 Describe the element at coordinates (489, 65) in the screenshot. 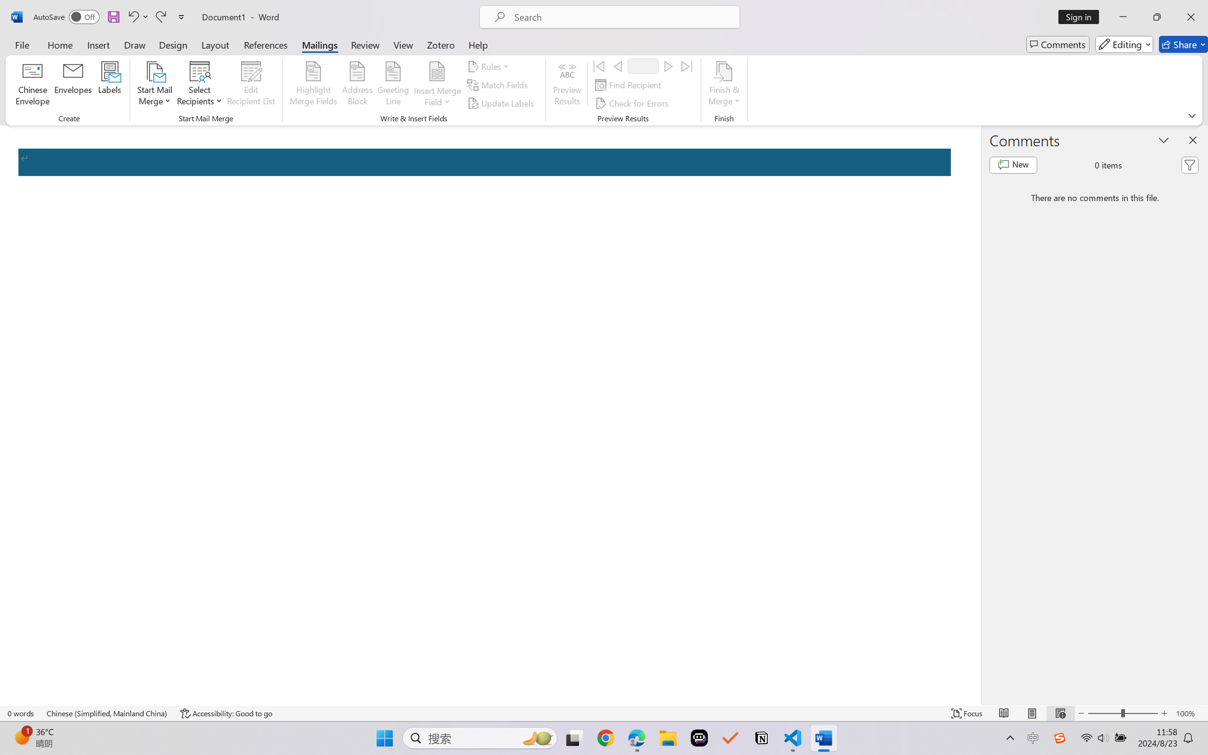

I see `'Rules'` at that location.